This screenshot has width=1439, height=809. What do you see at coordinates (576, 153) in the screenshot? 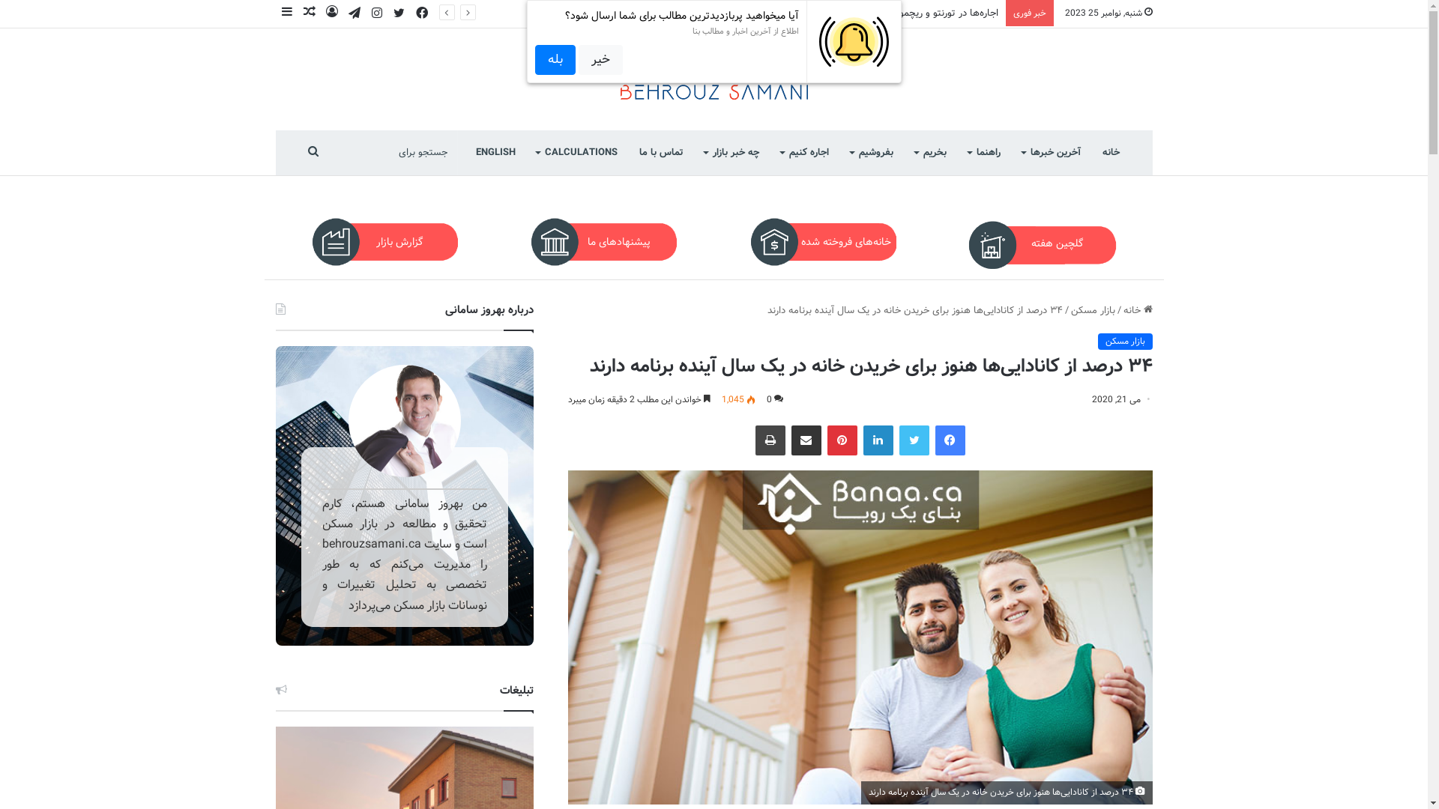
I see `'CALCULATIONS'` at bounding box center [576, 153].